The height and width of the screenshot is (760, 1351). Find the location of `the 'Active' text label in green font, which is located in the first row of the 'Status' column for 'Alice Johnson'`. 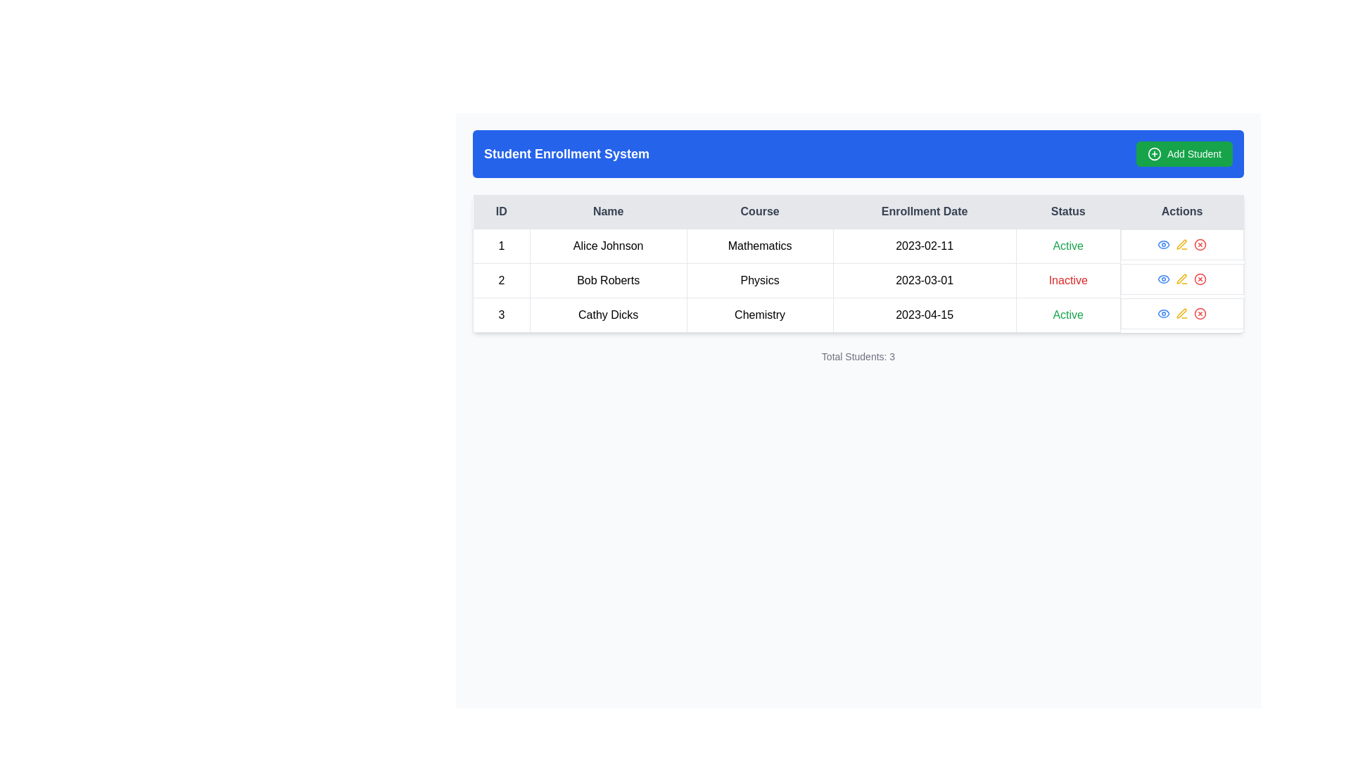

the 'Active' text label in green font, which is located in the first row of the 'Status' column for 'Alice Johnson' is located at coordinates (1068, 246).